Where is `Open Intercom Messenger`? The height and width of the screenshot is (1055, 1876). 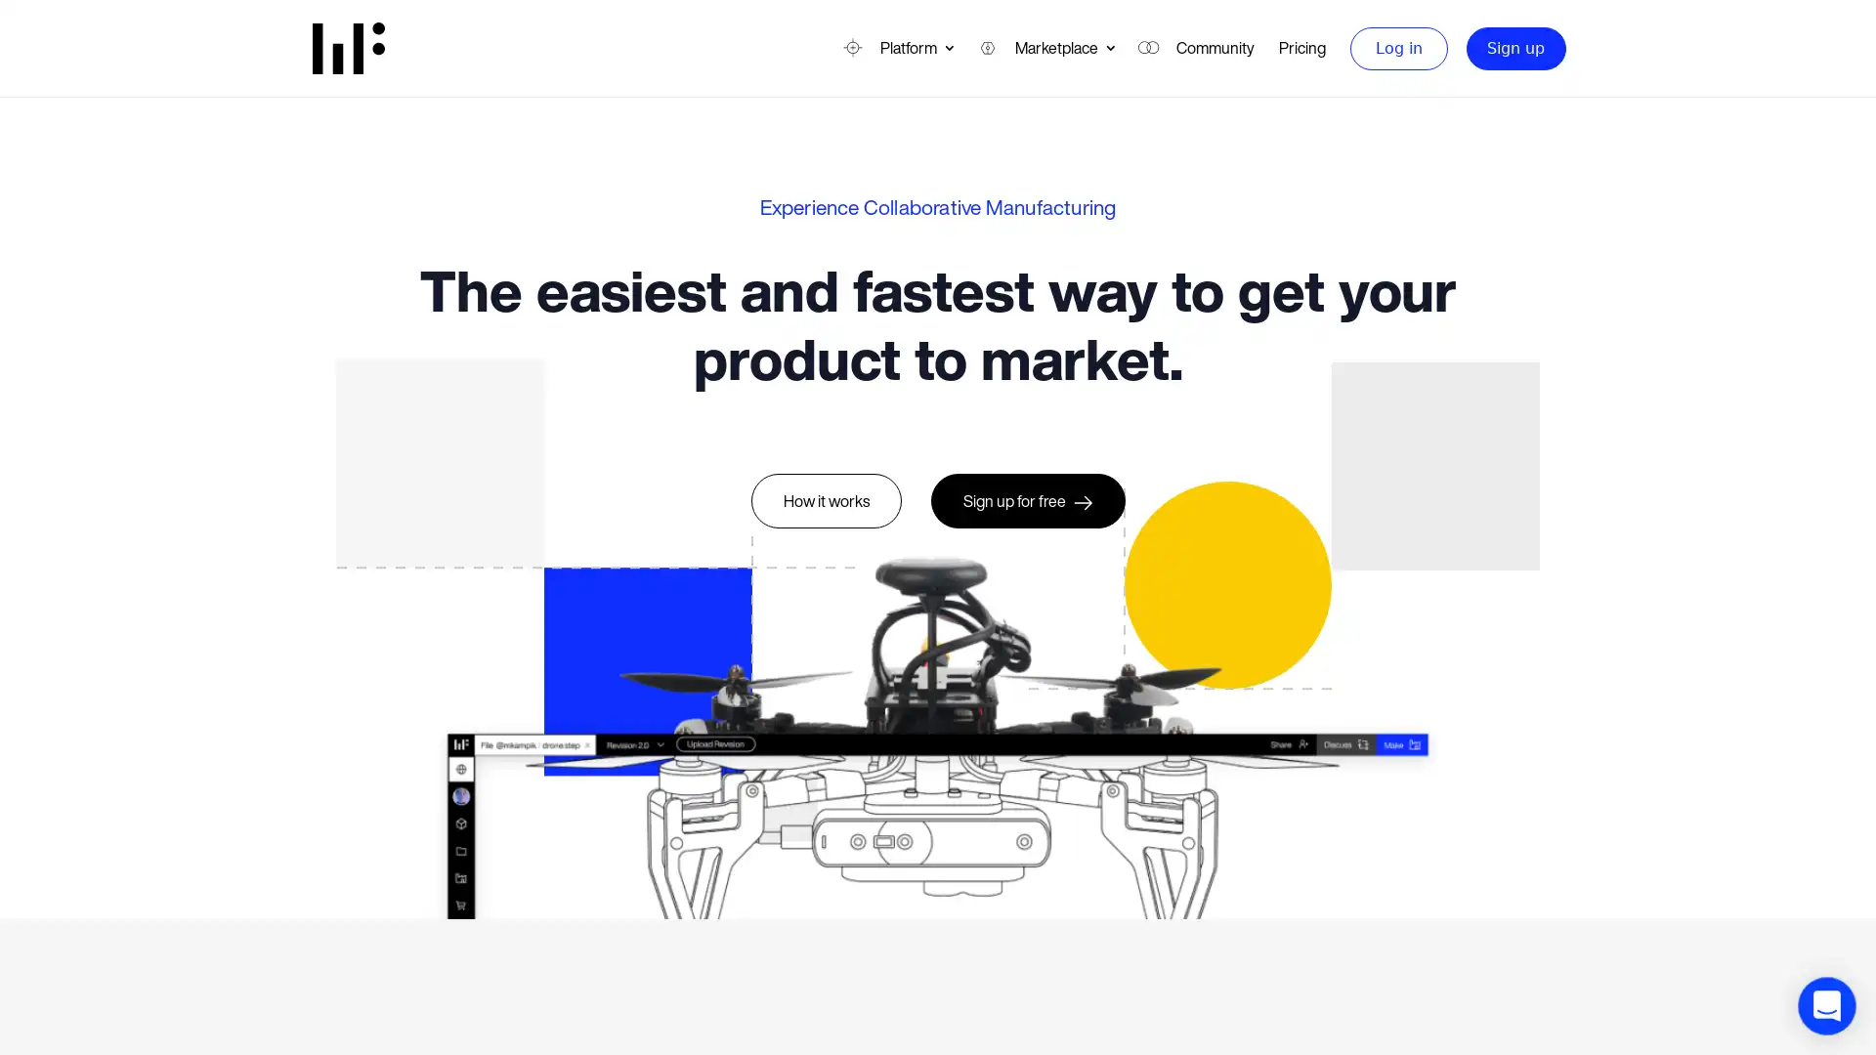
Open Intercom Messenger is located at coordinates (1826, 1005).